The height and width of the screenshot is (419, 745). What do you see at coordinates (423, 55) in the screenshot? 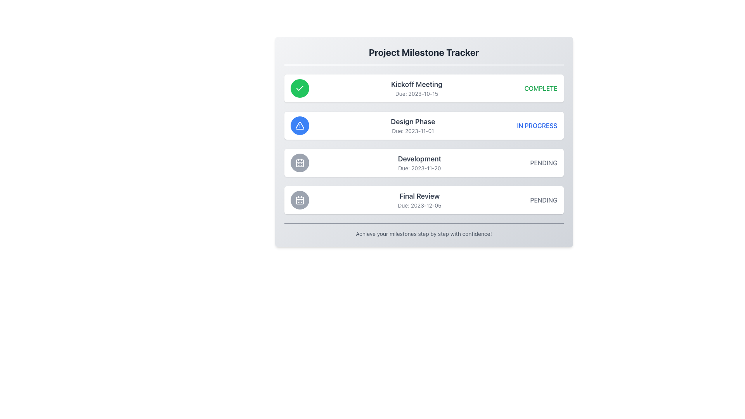
I see `the text label that serves as the title or header for the project-tracking module, which is positioned at the top and horizontally centered above the listed items` at bounding box center [423, 55].